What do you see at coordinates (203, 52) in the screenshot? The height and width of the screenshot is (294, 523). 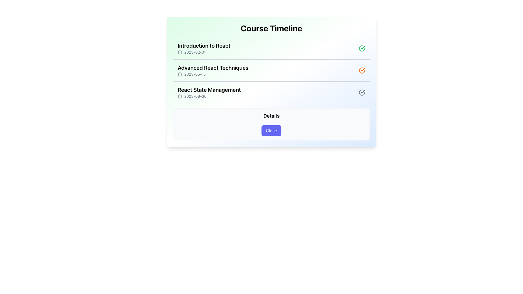 I see `date text label '2023-02-01' located below 'Introduction to React' in the 'Course Timeline' section` at bounding box center [203, 52].